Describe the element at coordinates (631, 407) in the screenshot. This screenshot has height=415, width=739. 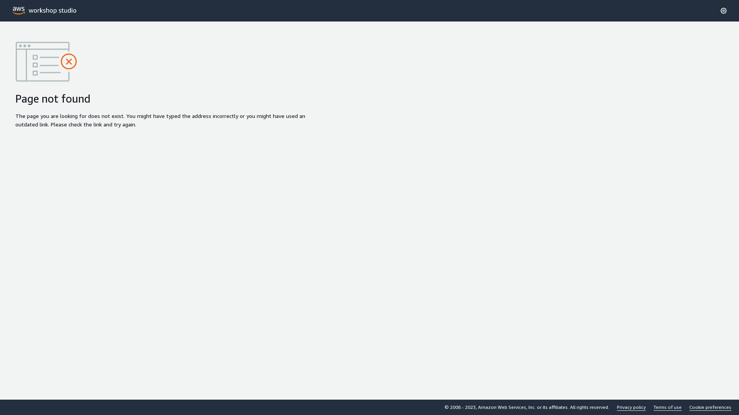
I see `'Privacy policy'` at that location.